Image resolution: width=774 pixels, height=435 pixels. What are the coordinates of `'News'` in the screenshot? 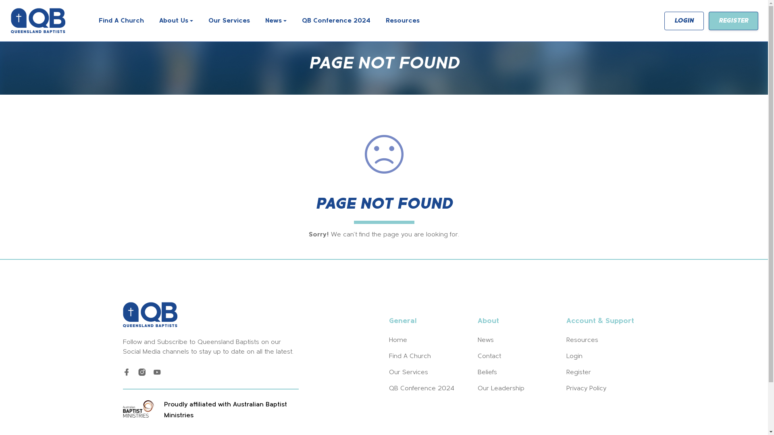 It's located at (276, 20).